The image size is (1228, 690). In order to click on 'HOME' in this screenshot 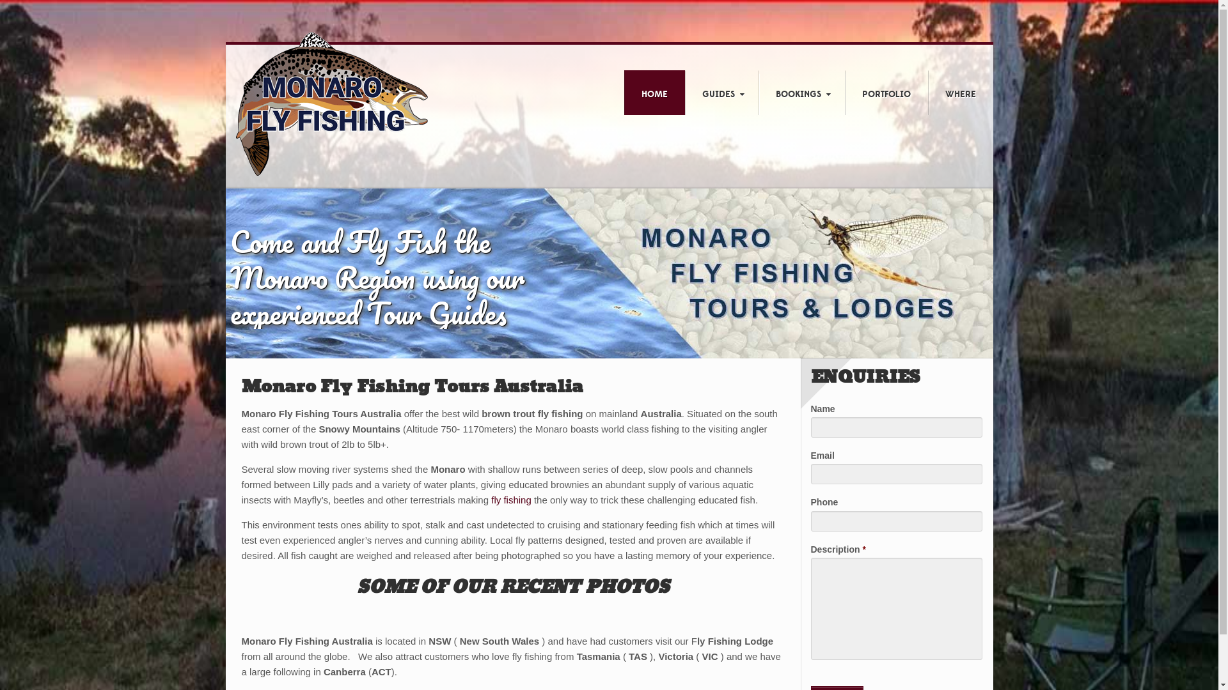, I will do `click(654, 93)`.